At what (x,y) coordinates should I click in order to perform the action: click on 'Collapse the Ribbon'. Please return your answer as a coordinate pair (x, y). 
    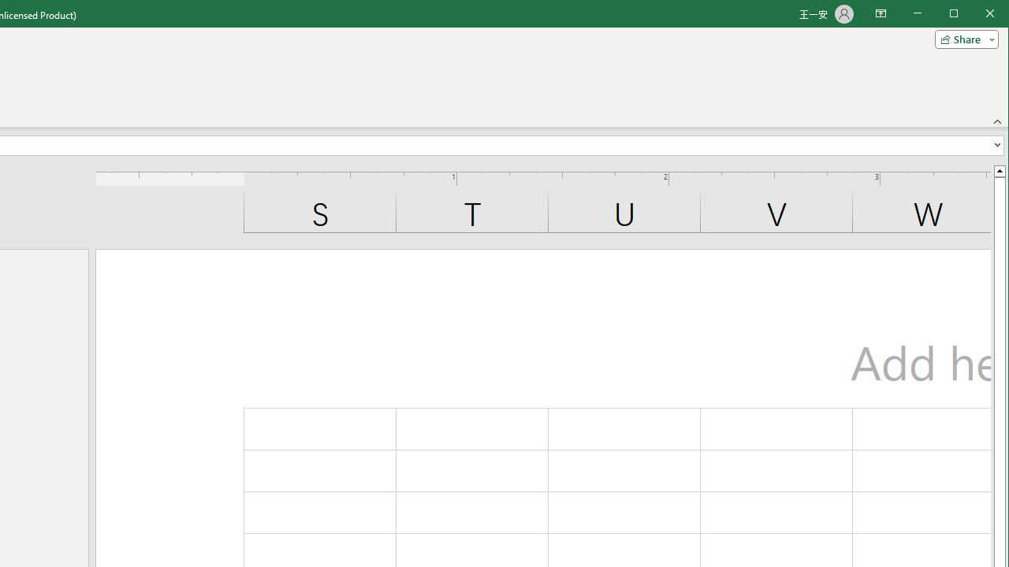
    Looking at the image, I should click on (997, 120).